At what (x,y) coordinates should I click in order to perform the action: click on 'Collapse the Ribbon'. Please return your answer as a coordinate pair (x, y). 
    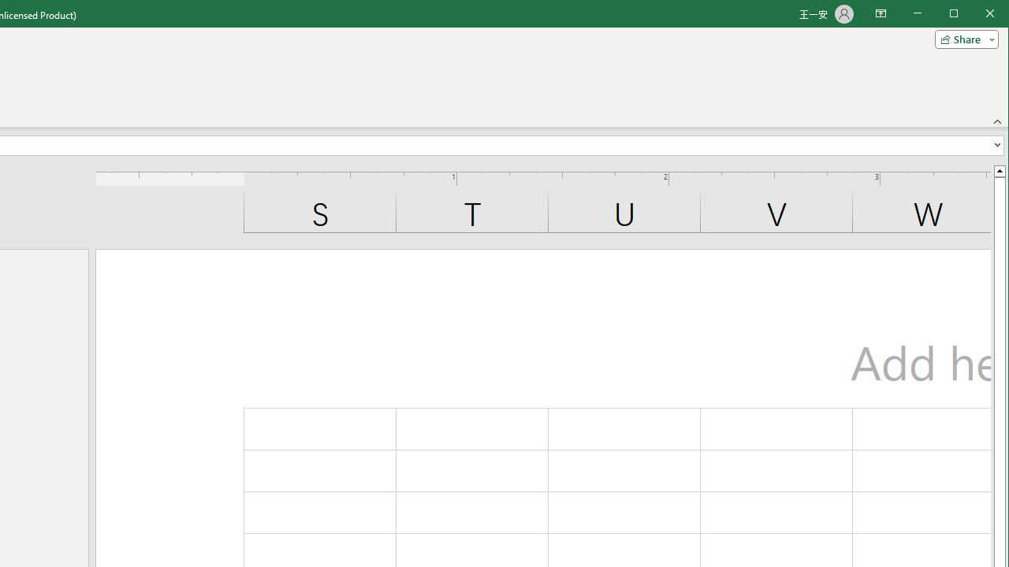
    Looking at the image, I should click on (997, 120).